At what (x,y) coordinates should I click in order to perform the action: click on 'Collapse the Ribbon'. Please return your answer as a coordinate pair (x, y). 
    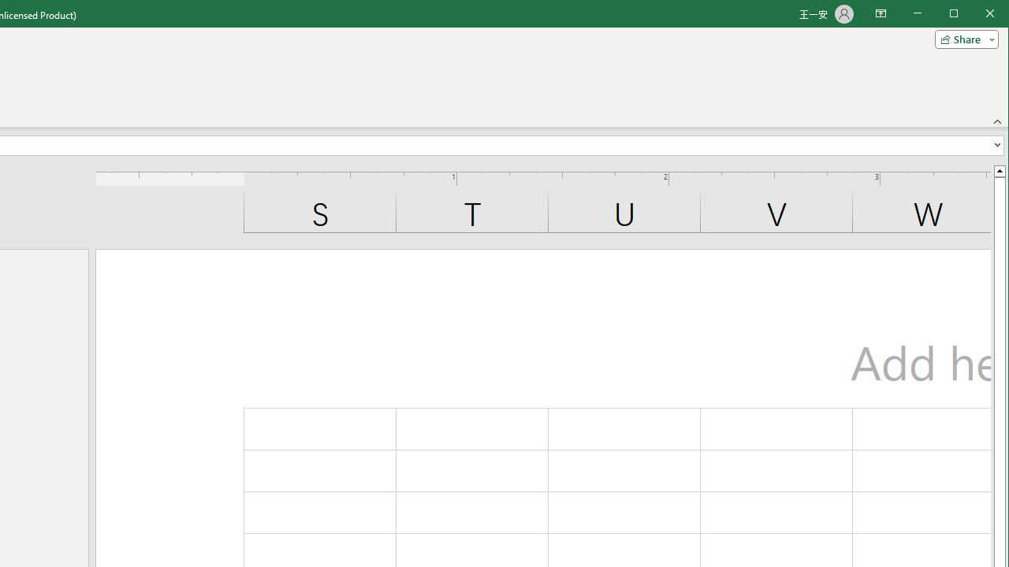
    Looking at the image, I should click on (997, 120).